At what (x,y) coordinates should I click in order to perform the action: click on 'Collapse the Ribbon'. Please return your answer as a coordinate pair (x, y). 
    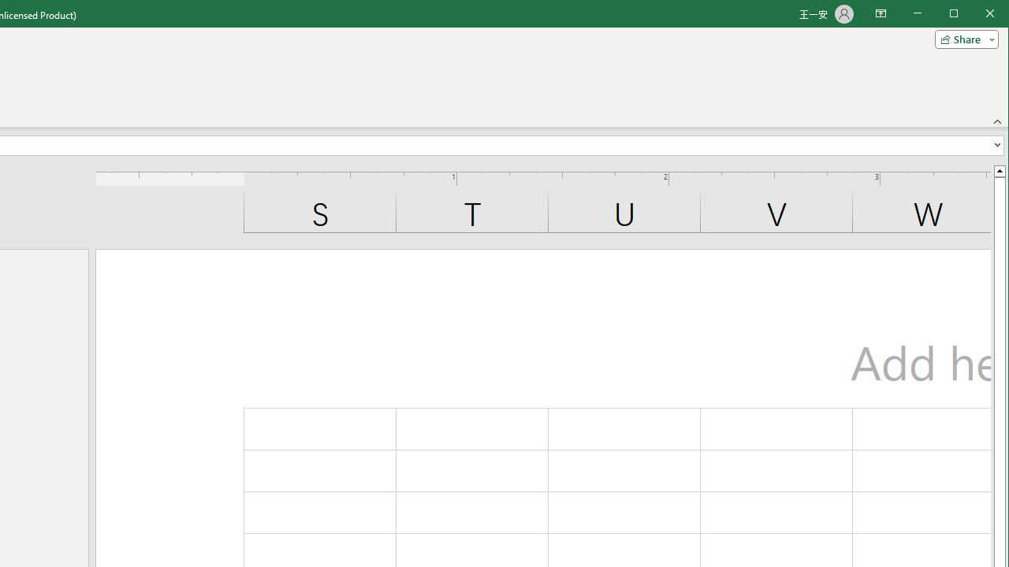
    Looking at the image, I should click on (997, 120).